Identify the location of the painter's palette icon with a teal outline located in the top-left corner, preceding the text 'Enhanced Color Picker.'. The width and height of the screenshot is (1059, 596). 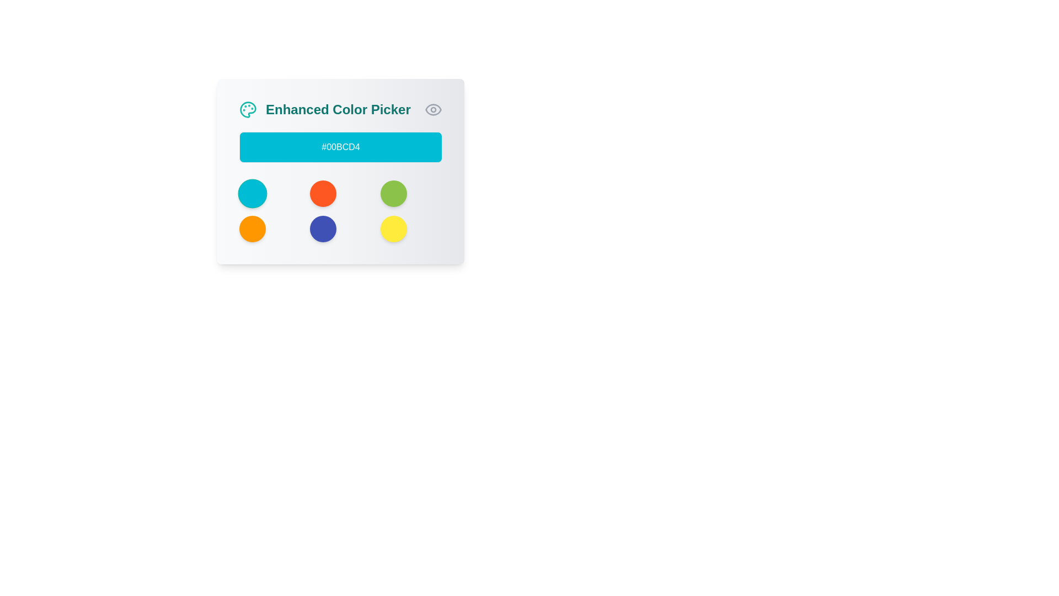
(248, 110).